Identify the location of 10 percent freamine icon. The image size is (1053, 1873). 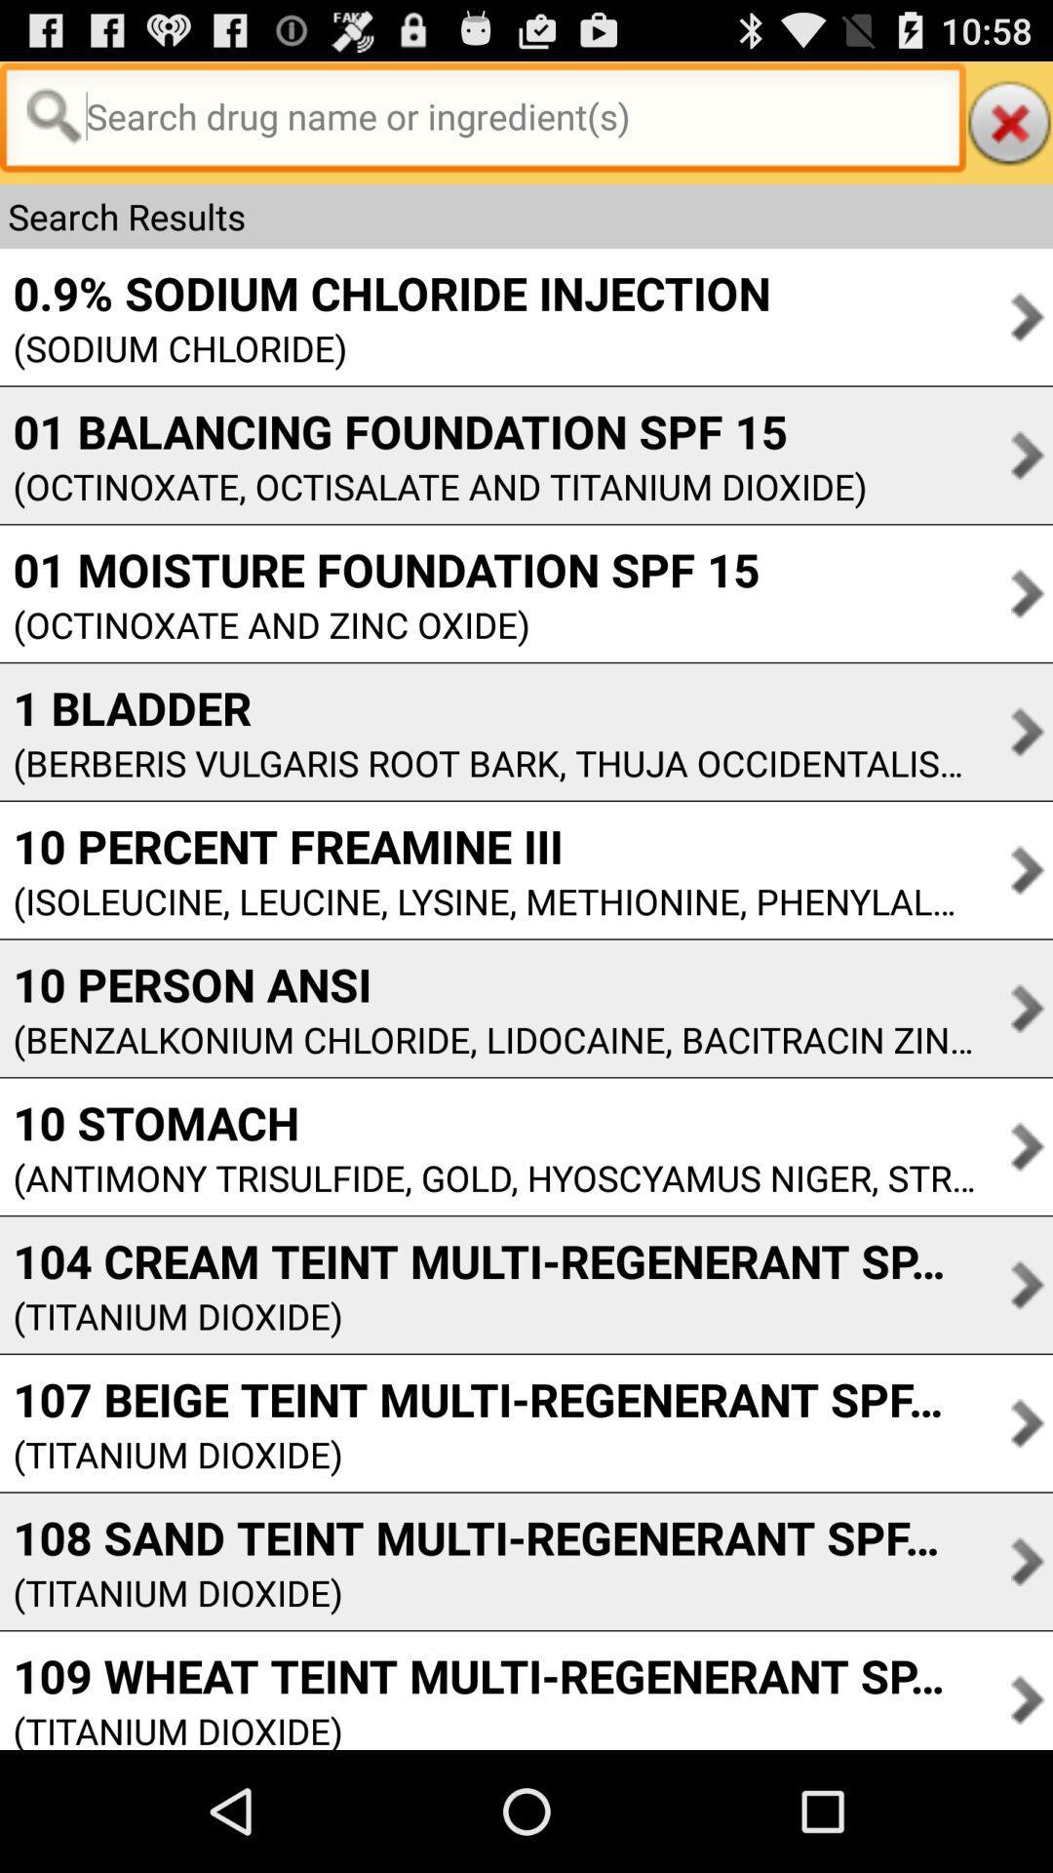
(487, 846).